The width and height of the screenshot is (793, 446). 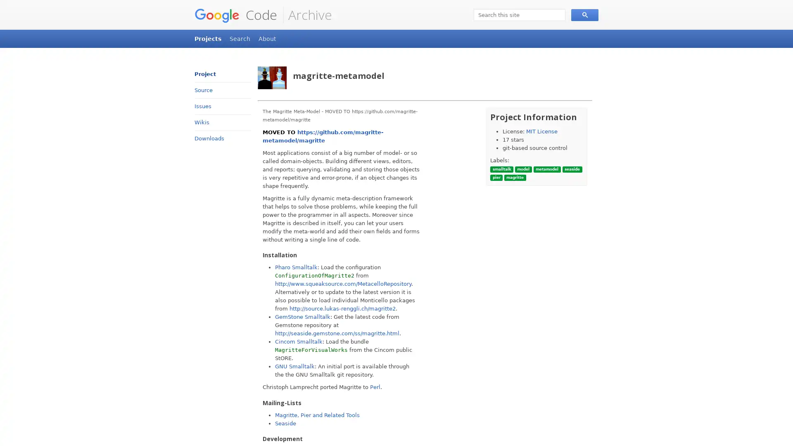 What do you see at coordinates (584, 15) in the screenshot?
I see `Search` at bounding box center [584, 15].